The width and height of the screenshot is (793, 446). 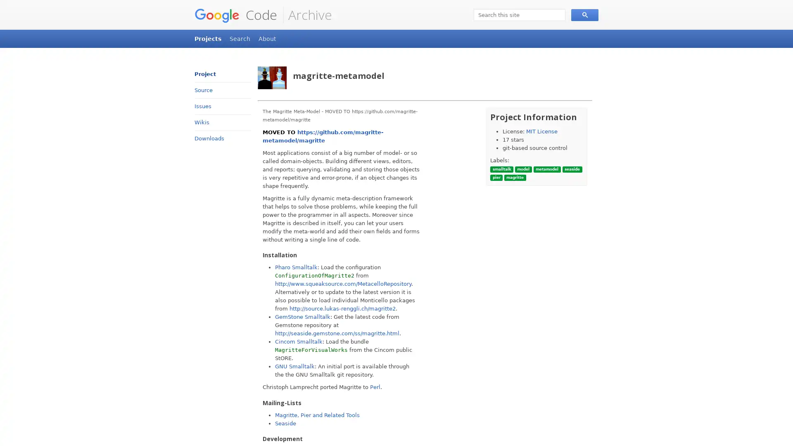 What do you see at coordinates (584, 15) in the screenshot?
I see `Search` at bounding box center [584, 15].